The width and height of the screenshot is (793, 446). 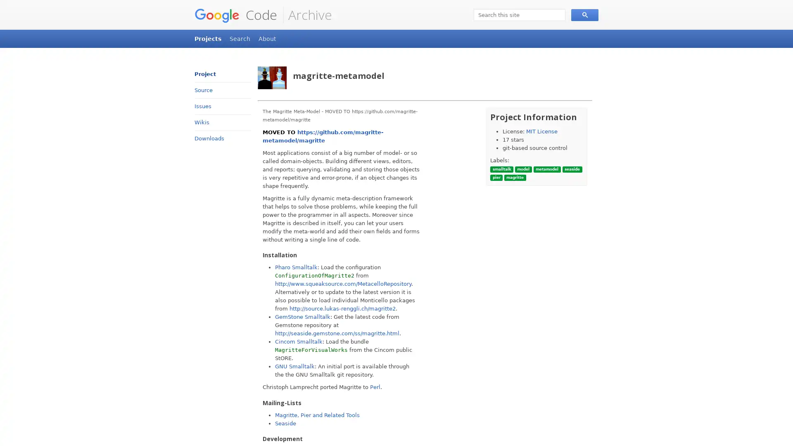 What do you see at coordinates (584, 15) in the screenshot?
I see `Search` at bounding box center [584, 15].